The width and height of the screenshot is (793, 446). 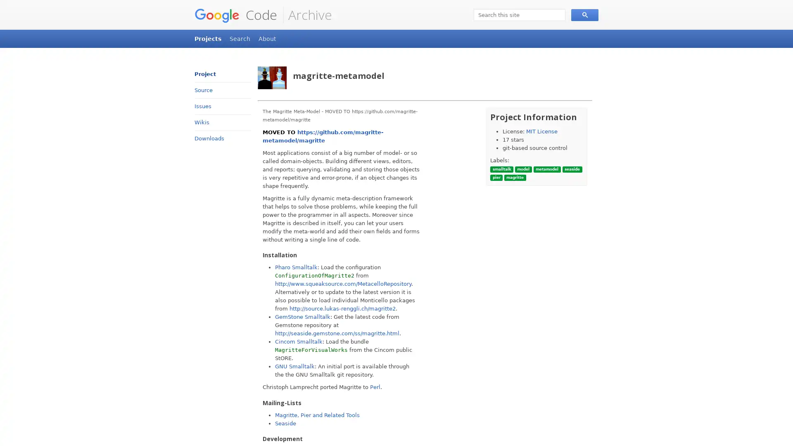 What do you see at coordinates (584, 15) in the screenshot?
I see `Search` at bounding box center [584, 15].